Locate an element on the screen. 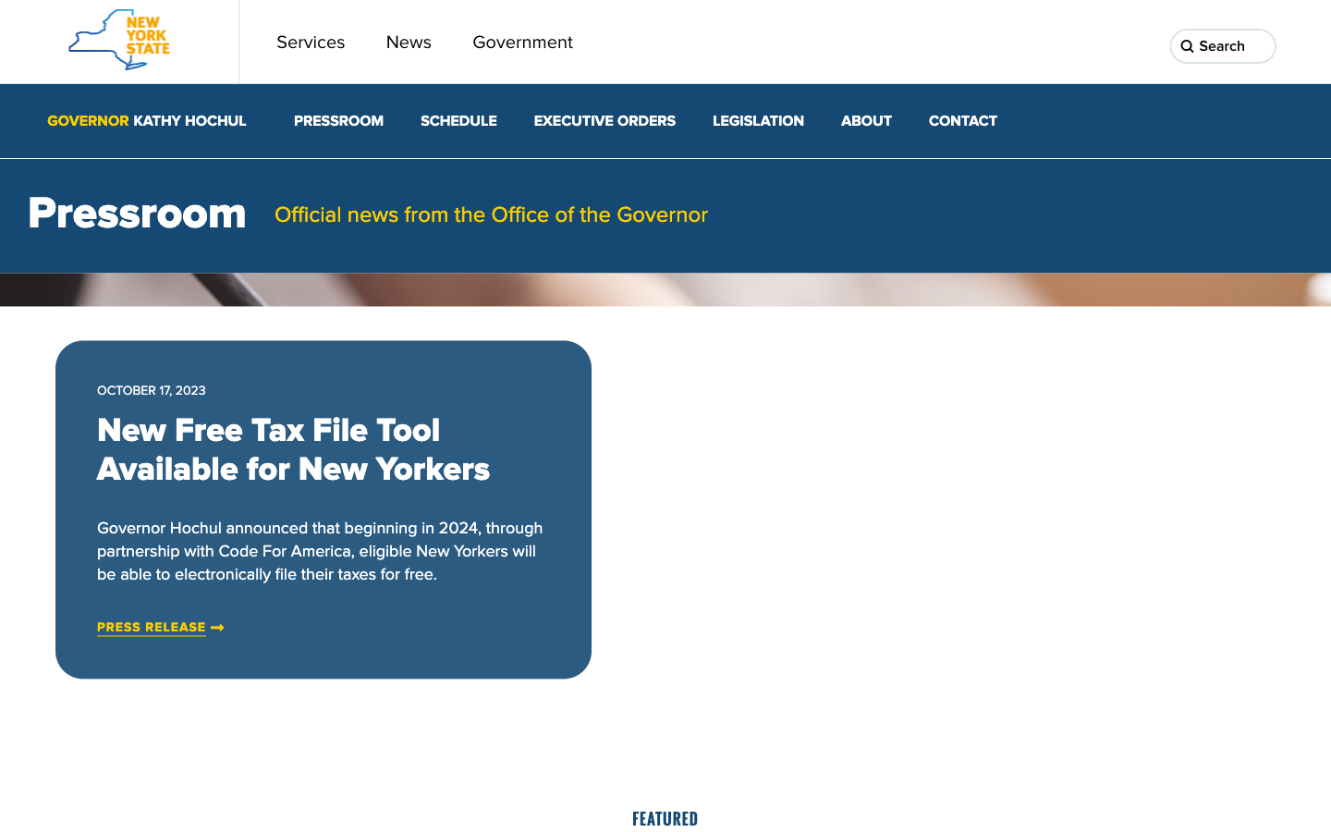  Go to the latest news and launch the press release about the free tax filing software is located at coordinates (151, 627).